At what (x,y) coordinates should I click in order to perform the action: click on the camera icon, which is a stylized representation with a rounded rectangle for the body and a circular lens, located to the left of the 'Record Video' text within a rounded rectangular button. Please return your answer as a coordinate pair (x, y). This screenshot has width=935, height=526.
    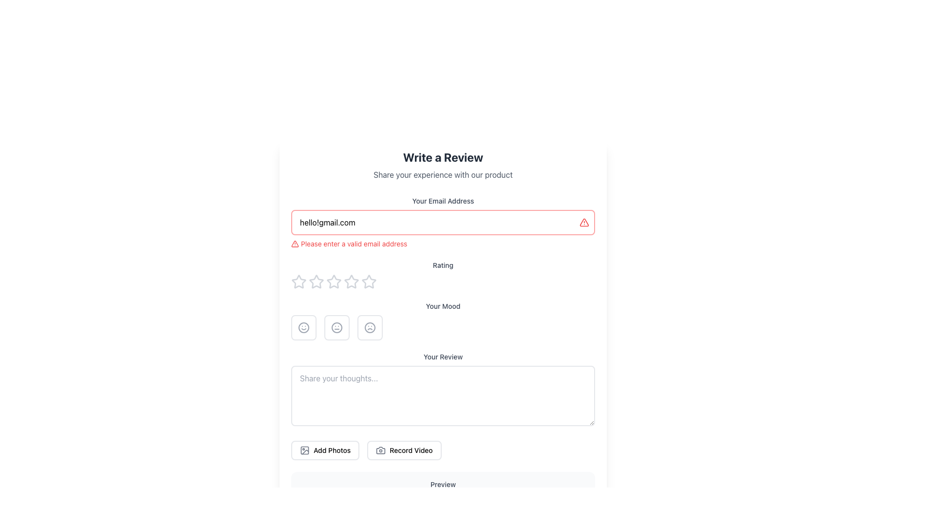
    Looking at the image, I should click on (380, 451).